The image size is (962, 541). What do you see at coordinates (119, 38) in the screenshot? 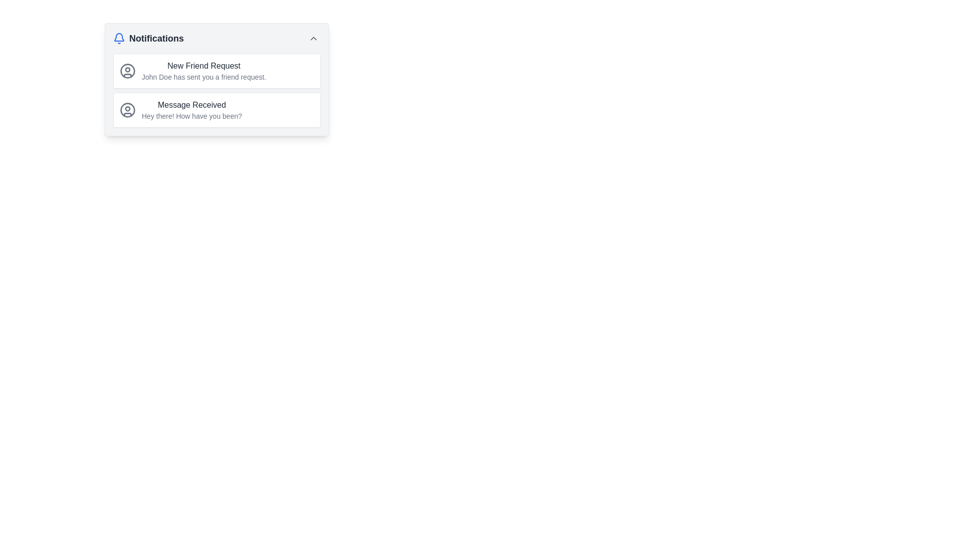
I see `the notification icon located to the left of the 'Notifications' text in the header section of the notification panel` at bounding box center [119, 38].